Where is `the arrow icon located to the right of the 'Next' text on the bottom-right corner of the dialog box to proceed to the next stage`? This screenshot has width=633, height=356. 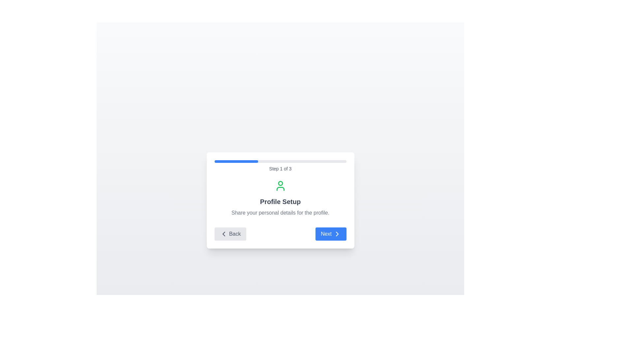
the arrow icon located to the right of the 'Next' text on the bottom-right corner of the dialog box to proceed to the next stage is located at coordinates (337, 234).